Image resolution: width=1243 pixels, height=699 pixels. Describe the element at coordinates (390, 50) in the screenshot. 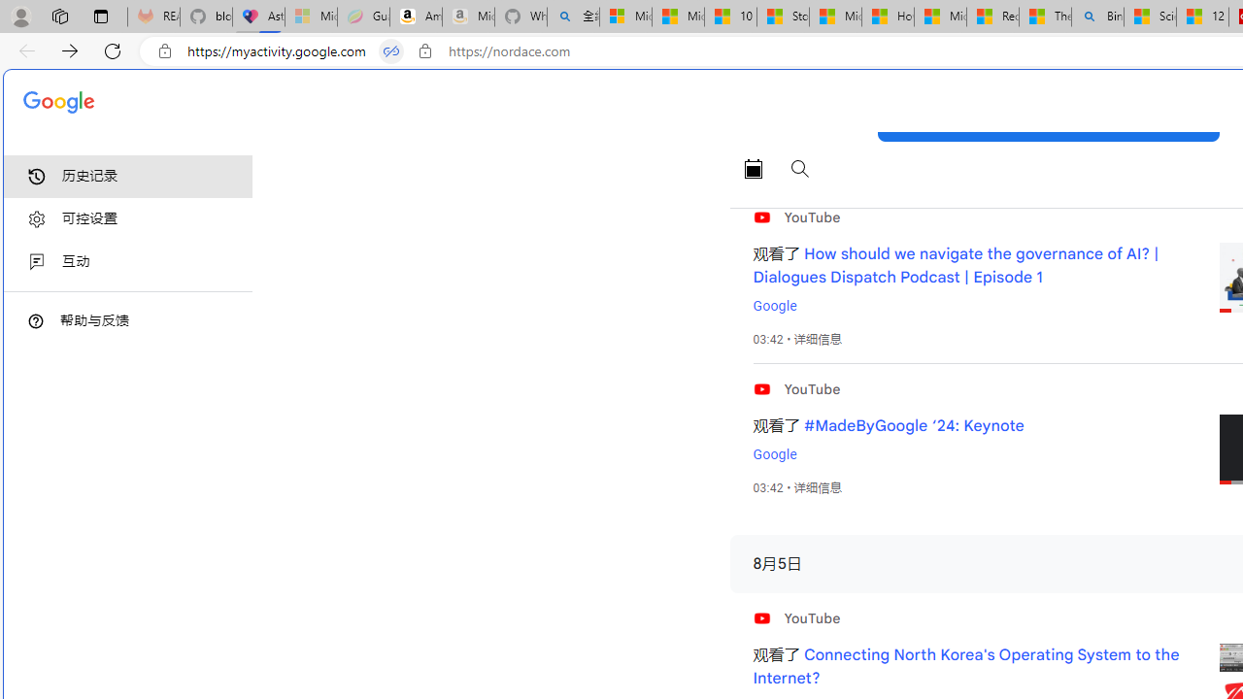

I see `'Tabs in split screen'` at that location.